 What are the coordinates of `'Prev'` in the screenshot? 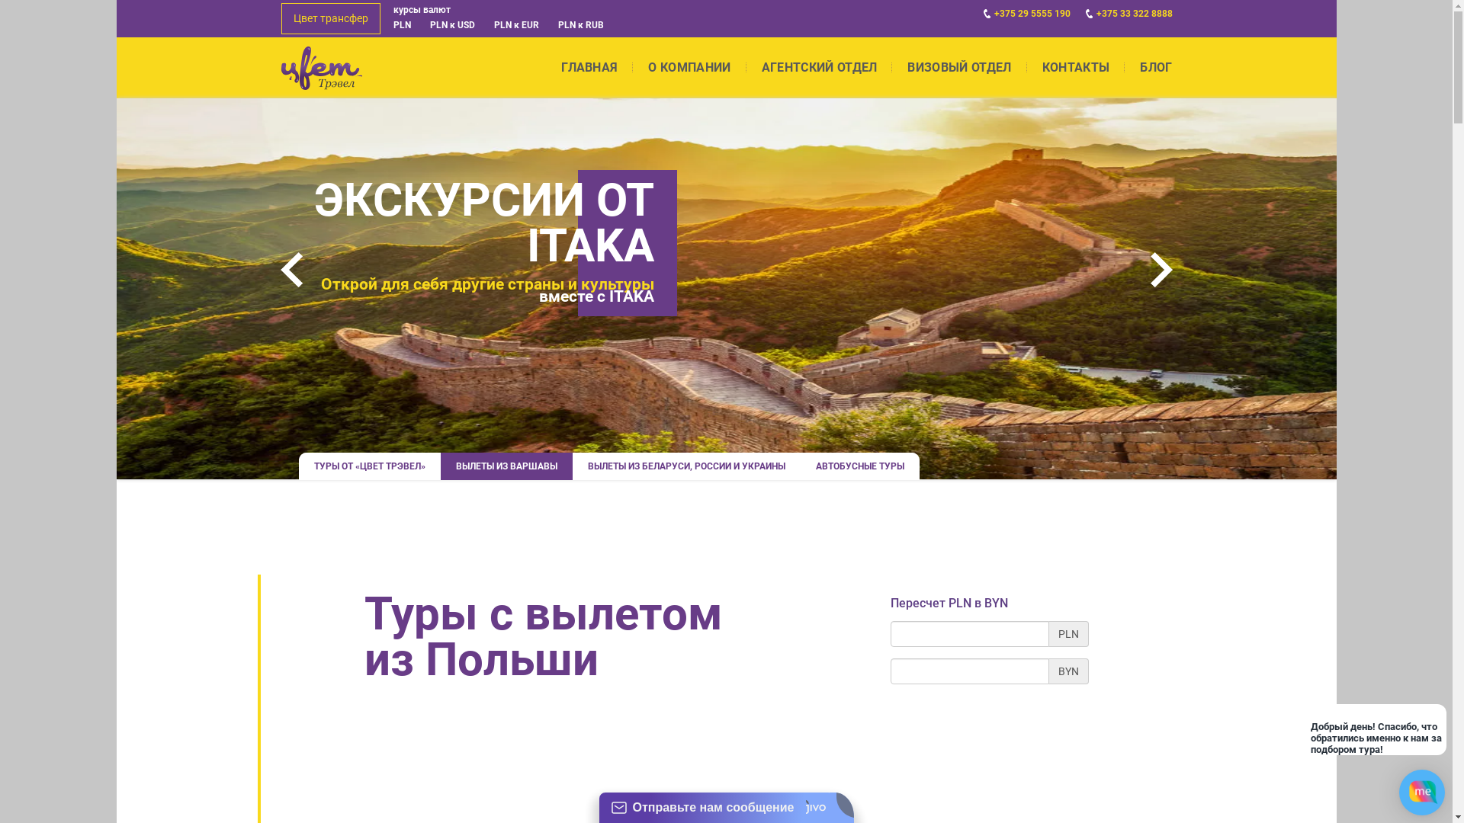 It's located at (291, 269).